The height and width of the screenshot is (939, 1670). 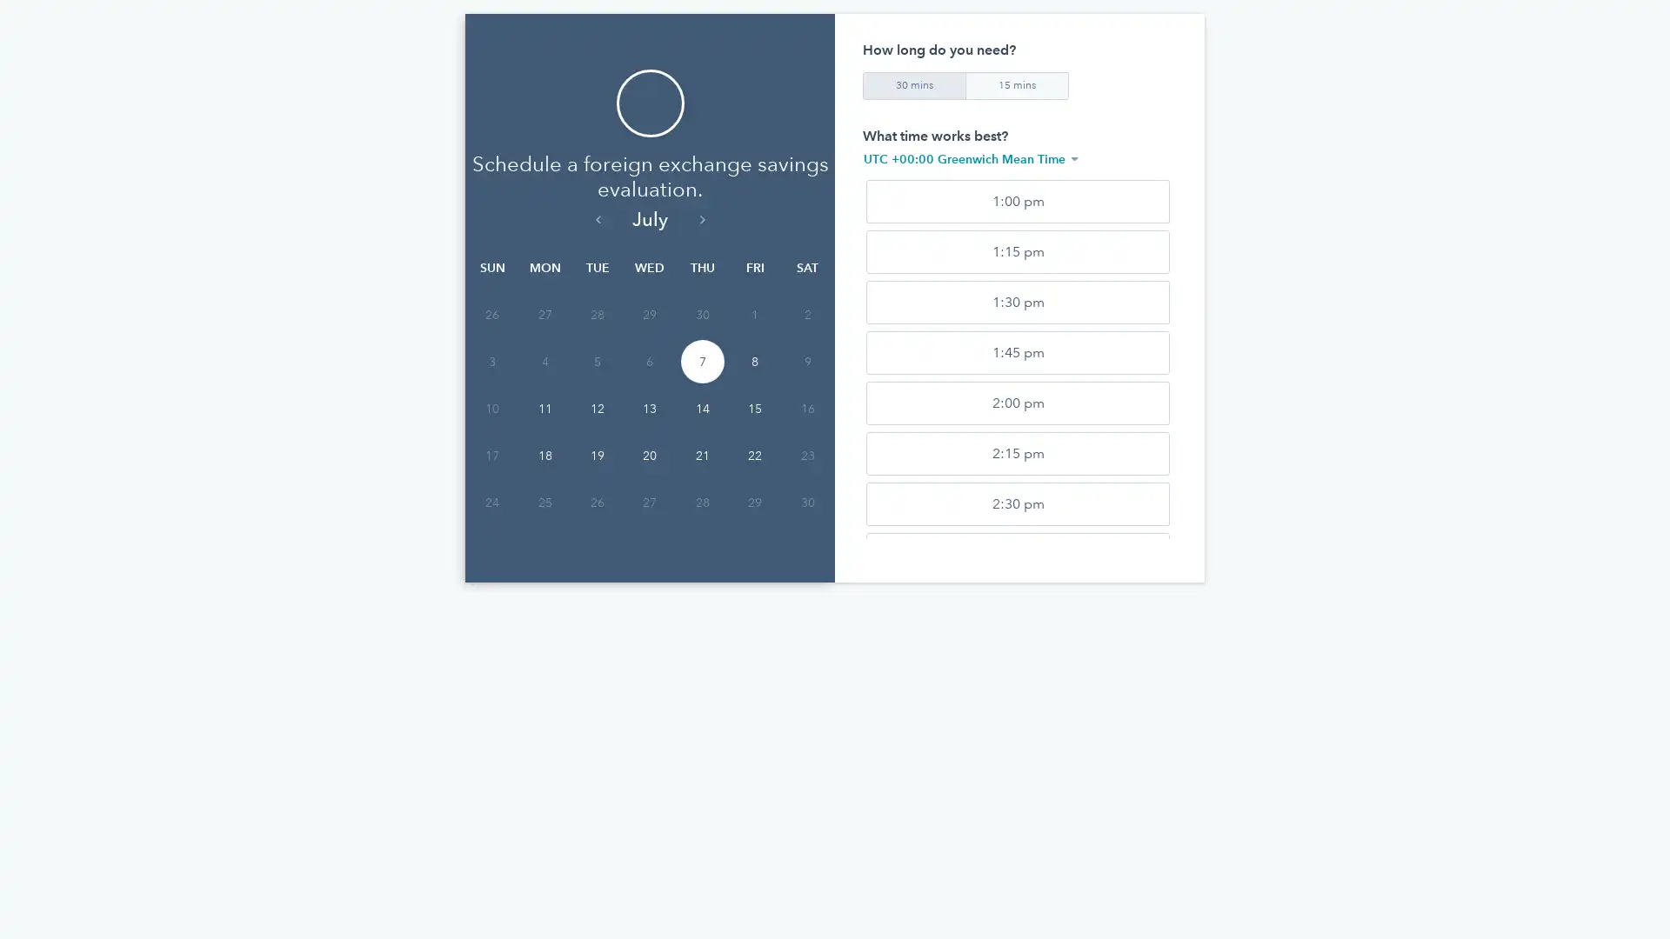 I want to click on July 24th, so click(x=491, y=503).